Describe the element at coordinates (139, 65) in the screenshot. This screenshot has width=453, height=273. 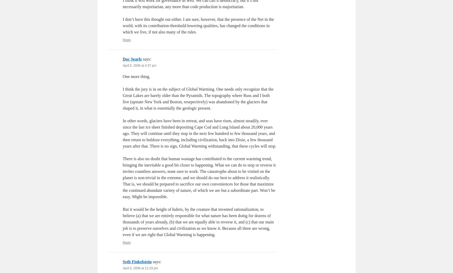
I see `'April 5, 2008 at 4:37 pm'` at that location.